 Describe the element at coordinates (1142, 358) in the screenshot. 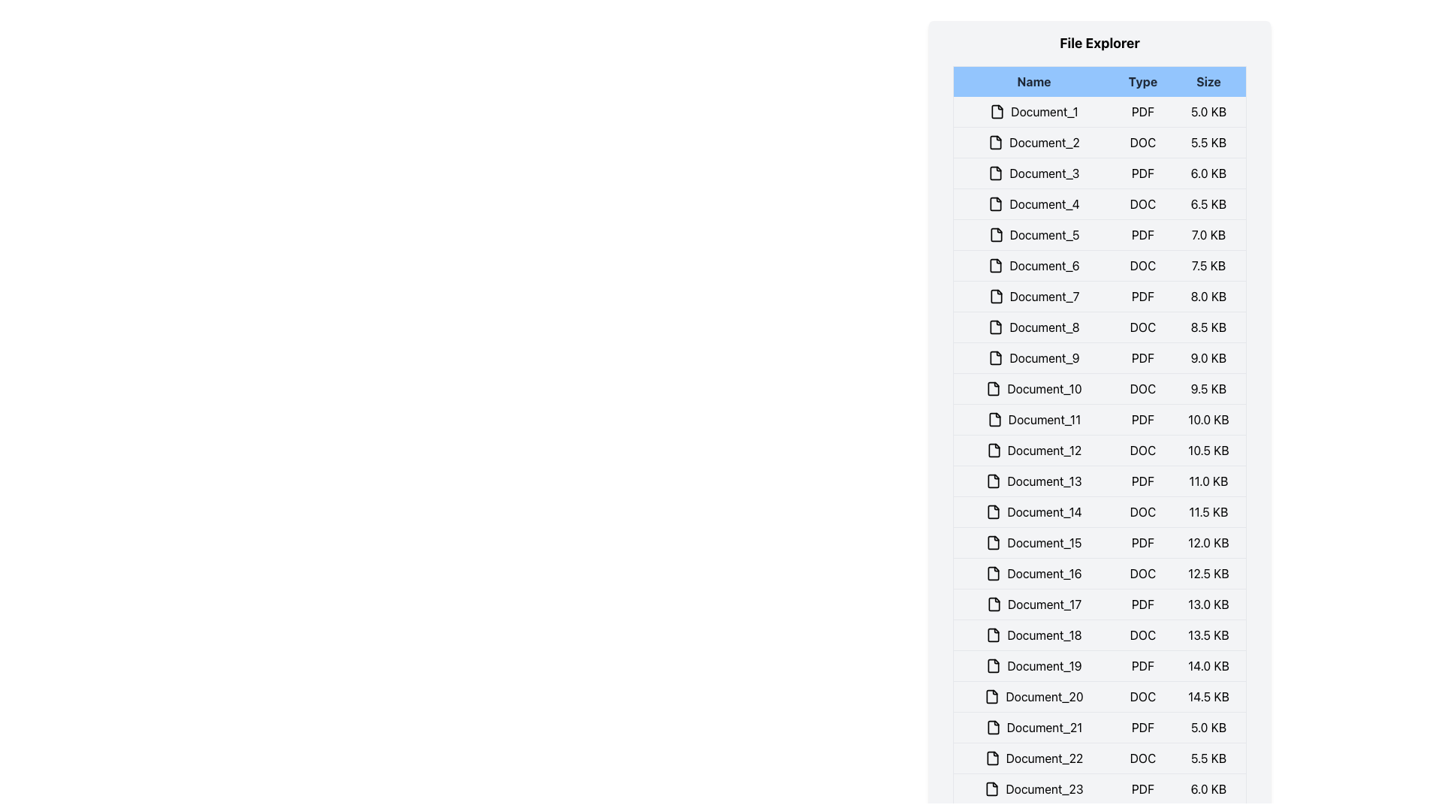

I see `the text label displaying 'PDF' in the 'Type' field of the row related to 'Document_9' in the file explorer interface` at that location.